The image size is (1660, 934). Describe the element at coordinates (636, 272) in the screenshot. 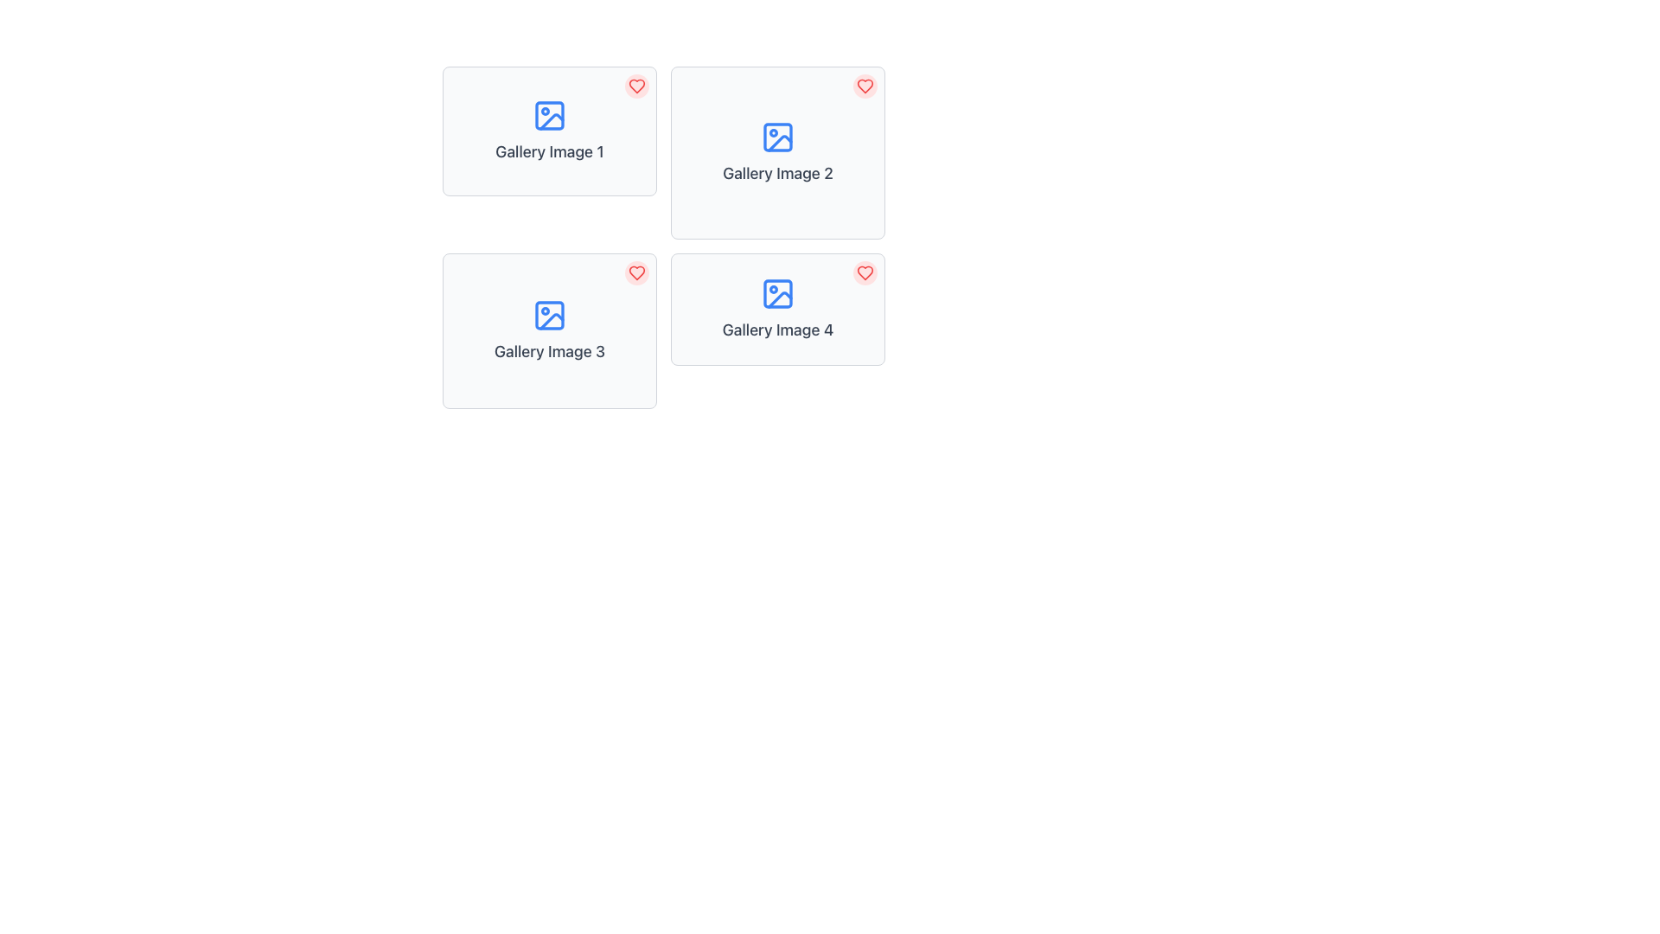

I see `the heart-shaped favorite icon located at the top-right corner of 'Gallery Image 3'` at that location.